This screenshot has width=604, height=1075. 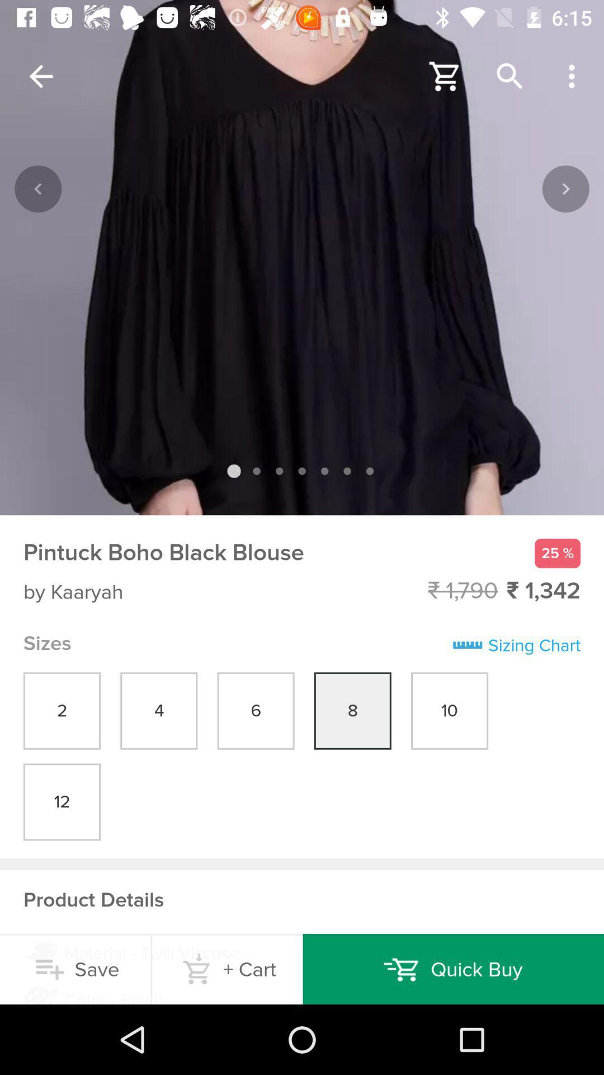 What do you see at coordinates (353, 711) in the screenshot?
I see `8` at bounding box center [353, 711].